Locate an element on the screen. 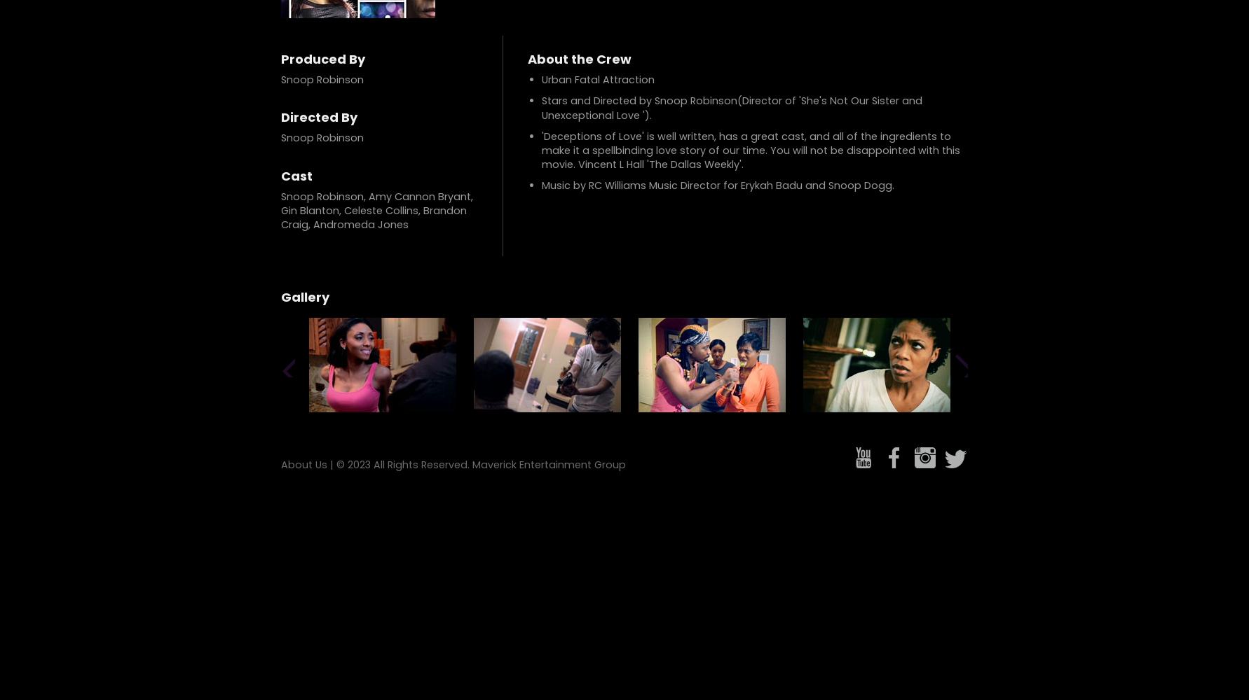 The image size is (1249, 700). 'Produced By' is located at coordinates (322, 58).